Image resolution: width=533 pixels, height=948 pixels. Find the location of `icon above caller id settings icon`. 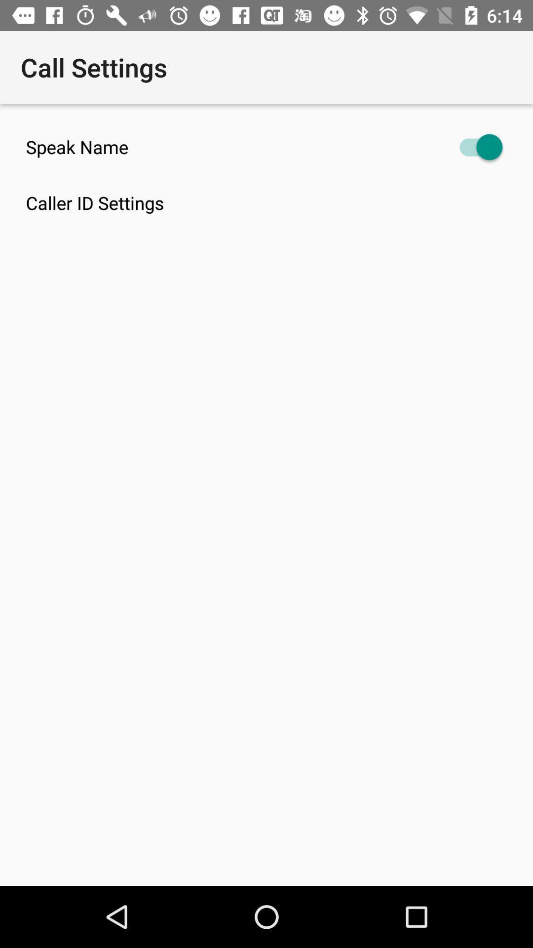

icon above caller id settings icon is located at coordinates (266, 147).